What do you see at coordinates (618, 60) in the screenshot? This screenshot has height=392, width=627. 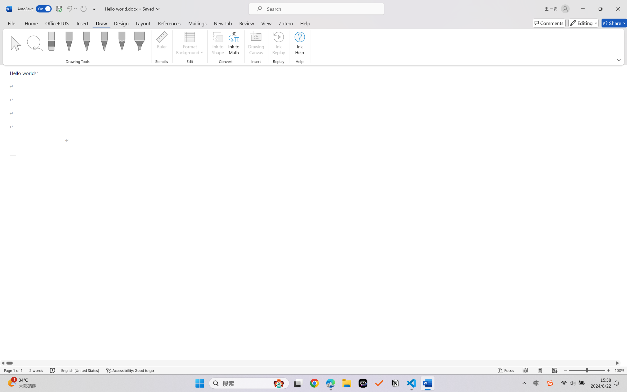 I see `'Ribbon Display Options'` at bounding box center [618, 60].